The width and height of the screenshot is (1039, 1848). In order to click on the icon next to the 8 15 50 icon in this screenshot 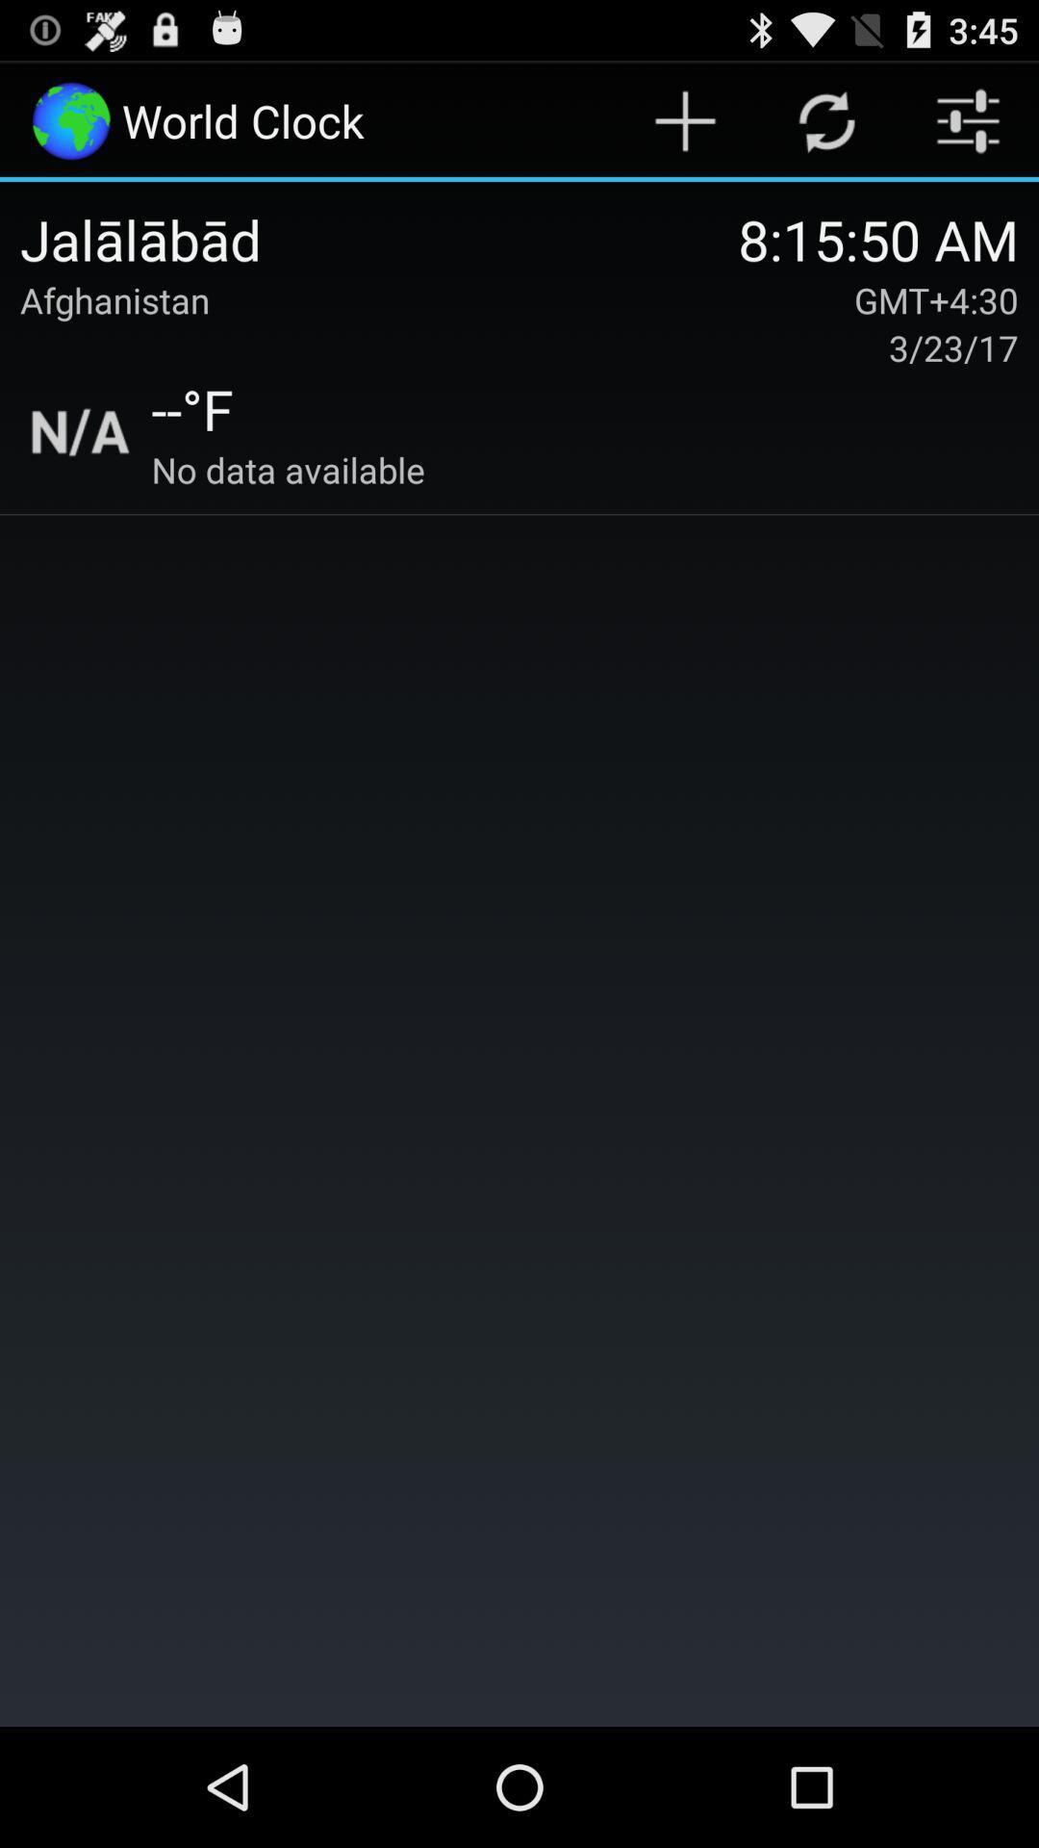, I will do `click(379, 238)`.